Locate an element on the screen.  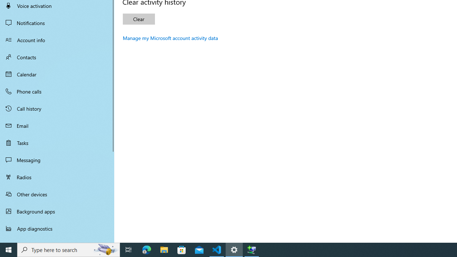
'Extensible Wizards Host Process - 1 running window' is located at coordinates (252, 249).